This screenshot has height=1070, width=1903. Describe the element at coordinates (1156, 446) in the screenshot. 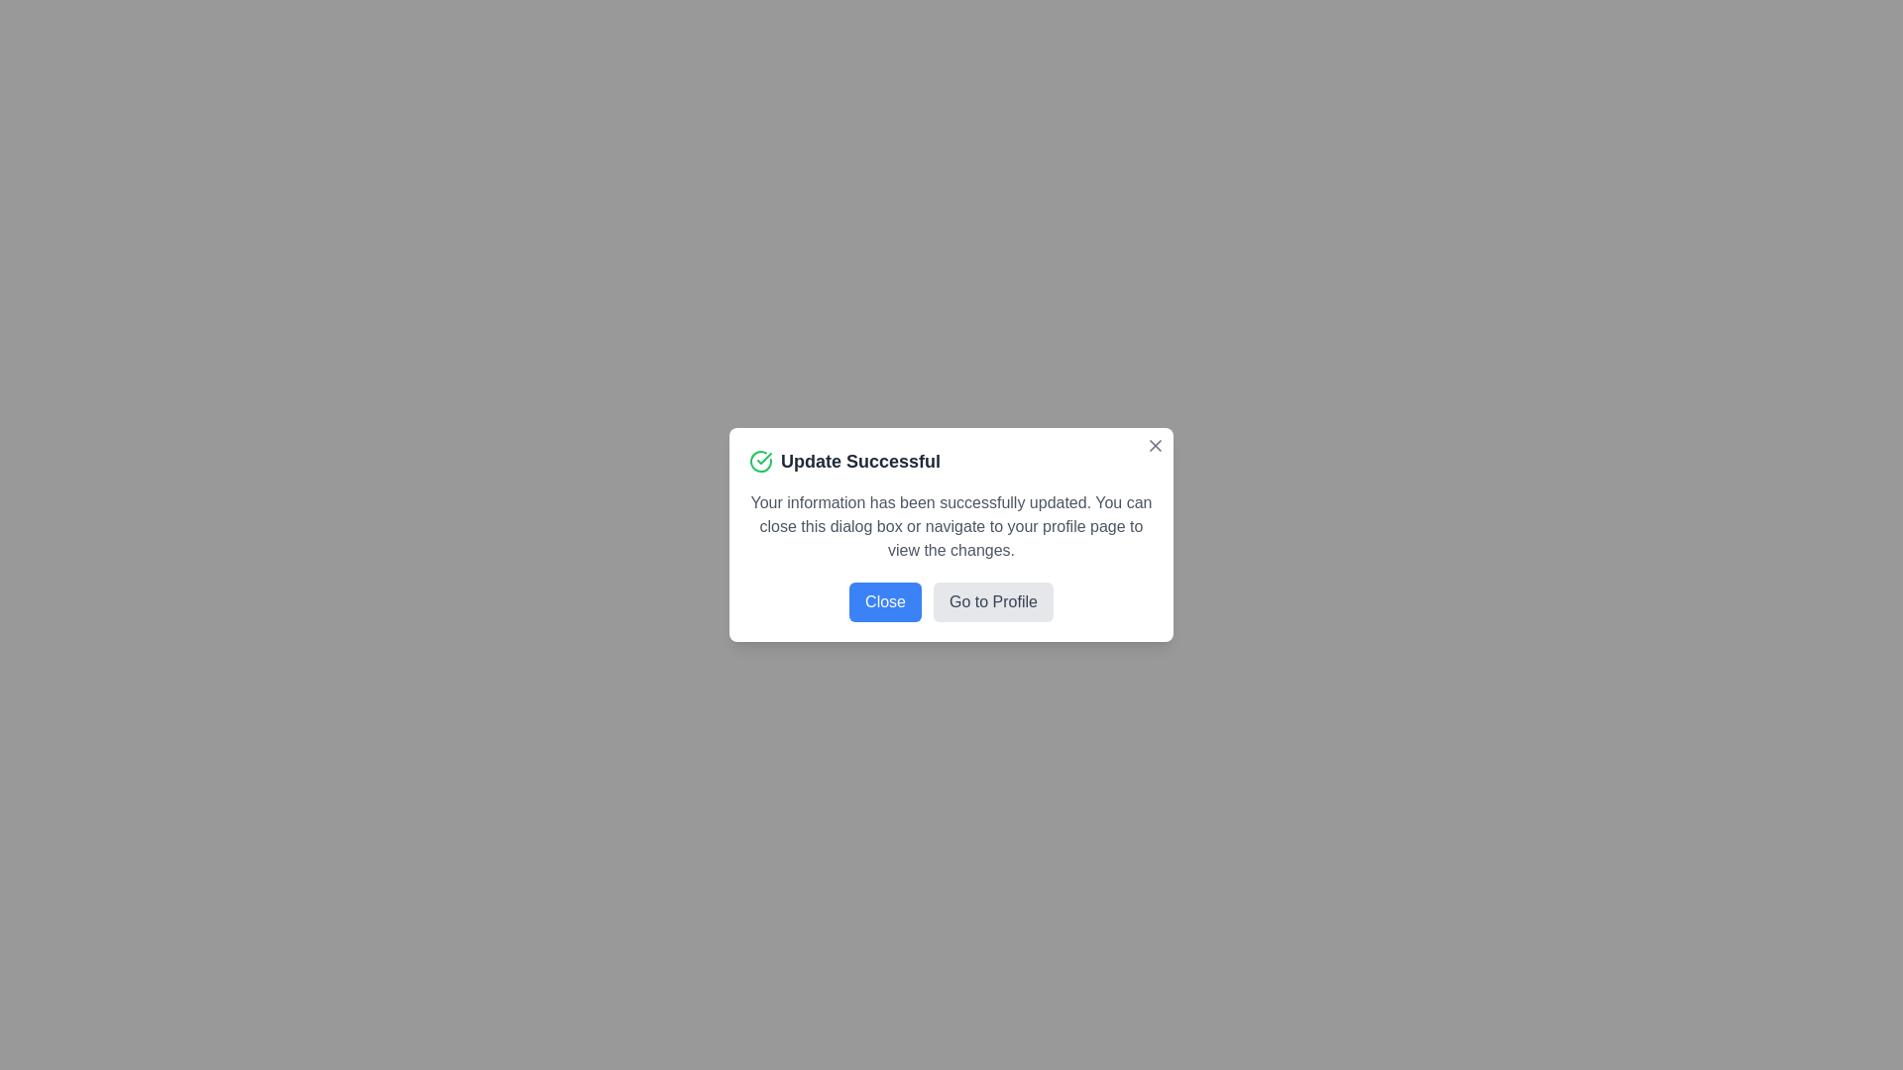

I see `the close icon in the top-right corner of the dialog to dismiss it` at that location.